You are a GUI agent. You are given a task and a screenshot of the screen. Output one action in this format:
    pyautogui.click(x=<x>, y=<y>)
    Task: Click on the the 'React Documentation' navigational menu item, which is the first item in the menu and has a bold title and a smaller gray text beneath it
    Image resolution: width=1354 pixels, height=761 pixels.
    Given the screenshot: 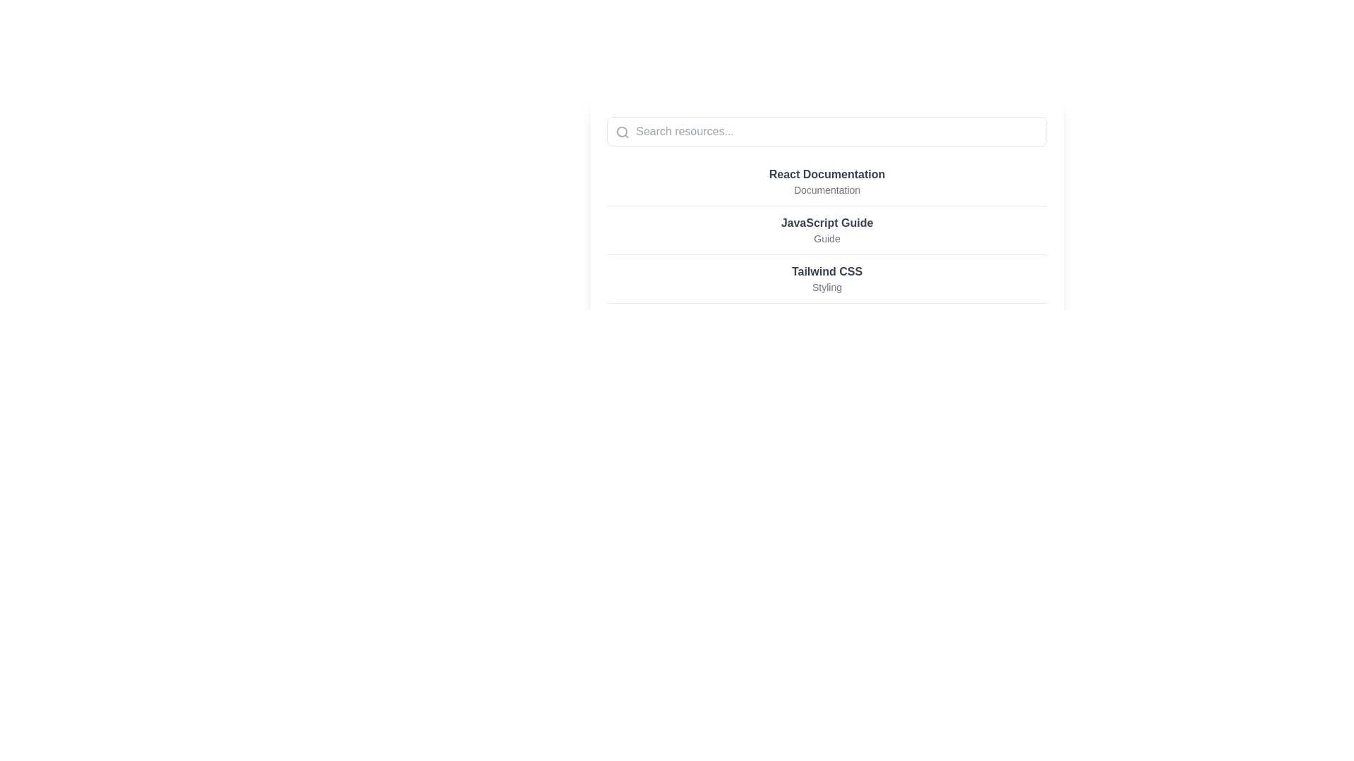 What is the action you would take?
    pyautogui.click(x=827, y=181)
    